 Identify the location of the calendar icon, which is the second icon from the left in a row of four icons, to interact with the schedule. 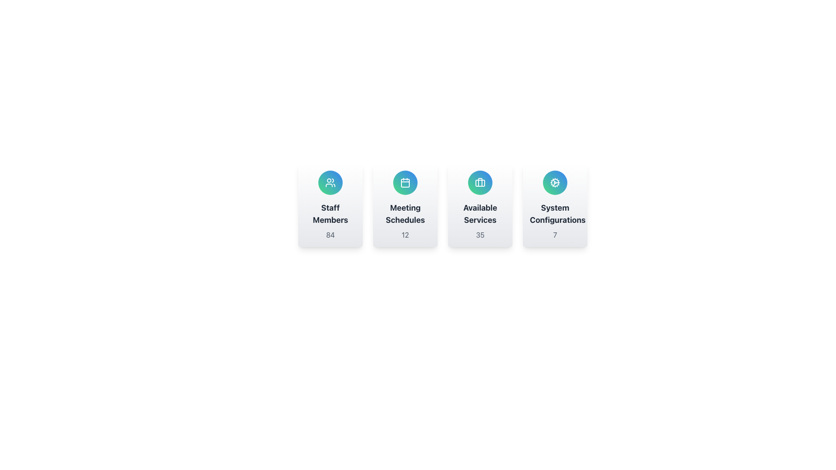
(405, 182).